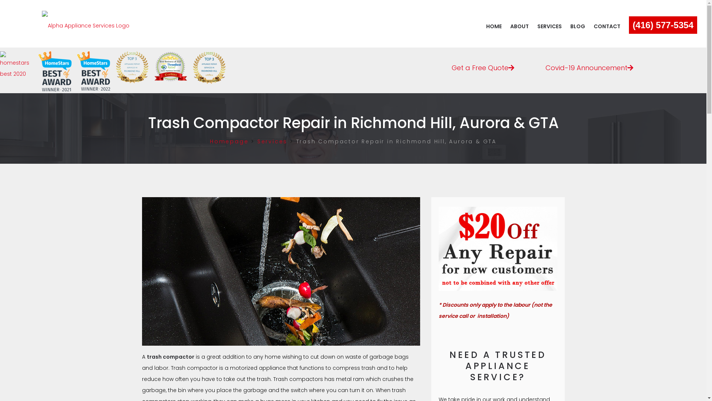 The width and height of the screenshot is (712, 401). I want to click on 'Get a Free Quote', so click(483, 66).